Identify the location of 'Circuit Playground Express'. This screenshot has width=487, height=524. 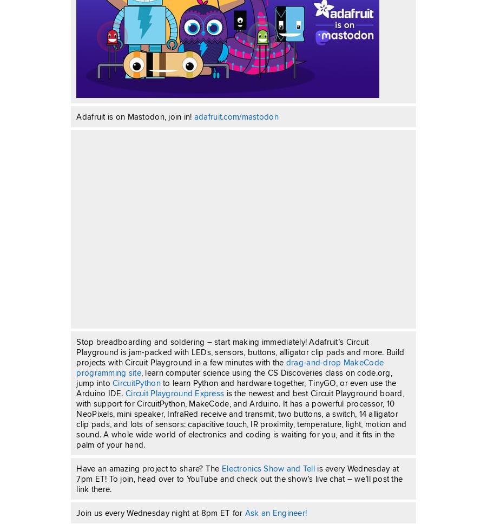
(174, 393).